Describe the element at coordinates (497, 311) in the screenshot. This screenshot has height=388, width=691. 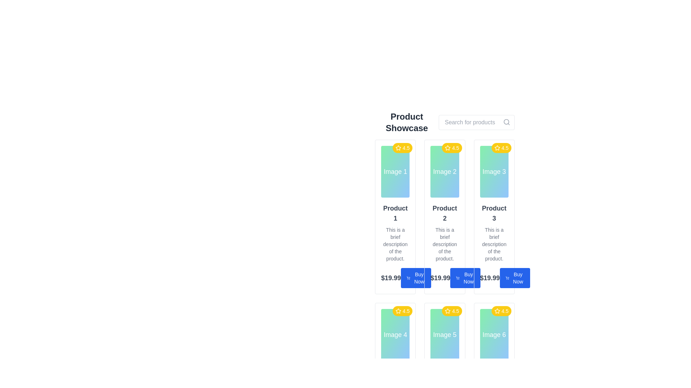
I see `the star rating icon located at the top-right corner of the card for 'Image 6', which visually denotes a rating of '4.5'` at that location.